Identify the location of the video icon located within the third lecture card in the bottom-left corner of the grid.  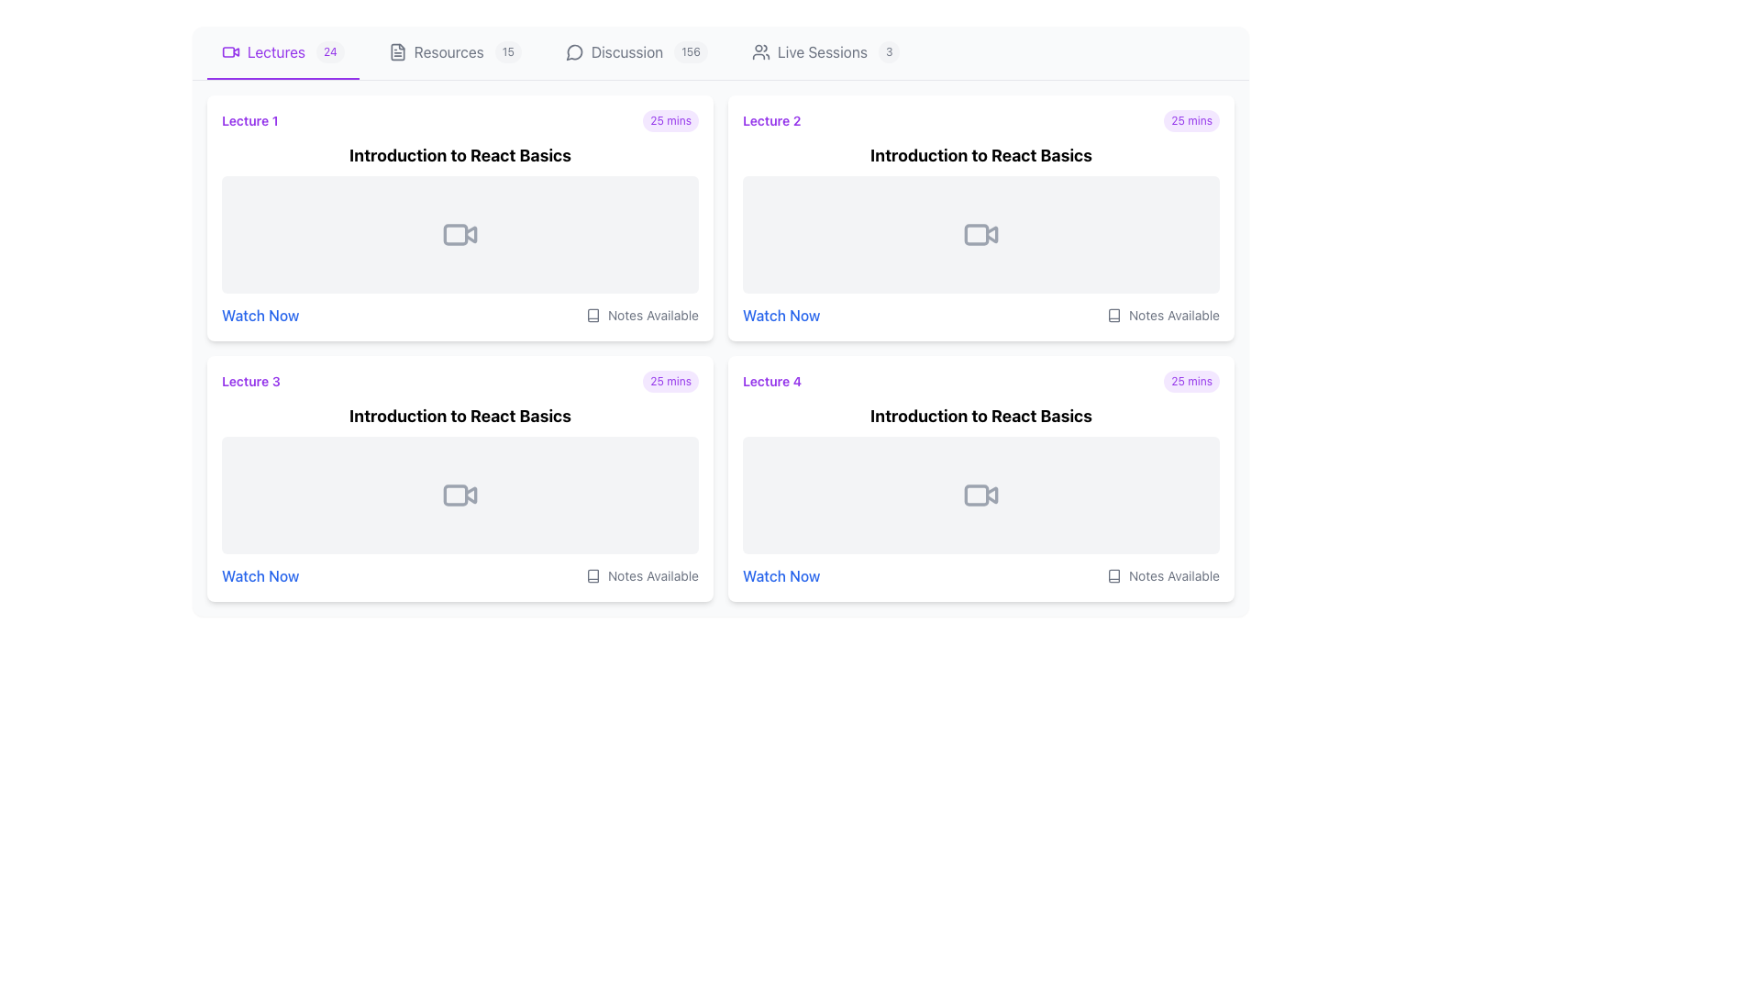
(460, 477).